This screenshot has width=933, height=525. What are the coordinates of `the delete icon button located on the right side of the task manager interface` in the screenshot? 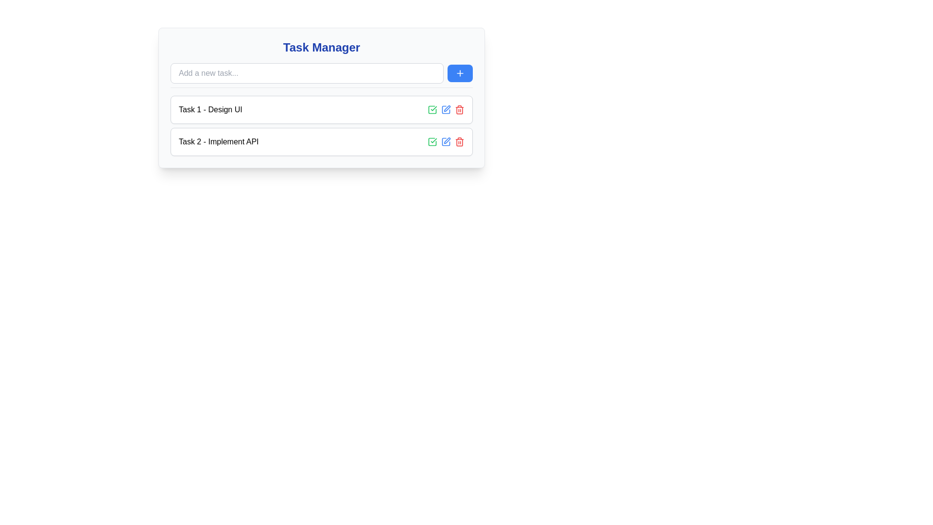 It's located at (459, 109).